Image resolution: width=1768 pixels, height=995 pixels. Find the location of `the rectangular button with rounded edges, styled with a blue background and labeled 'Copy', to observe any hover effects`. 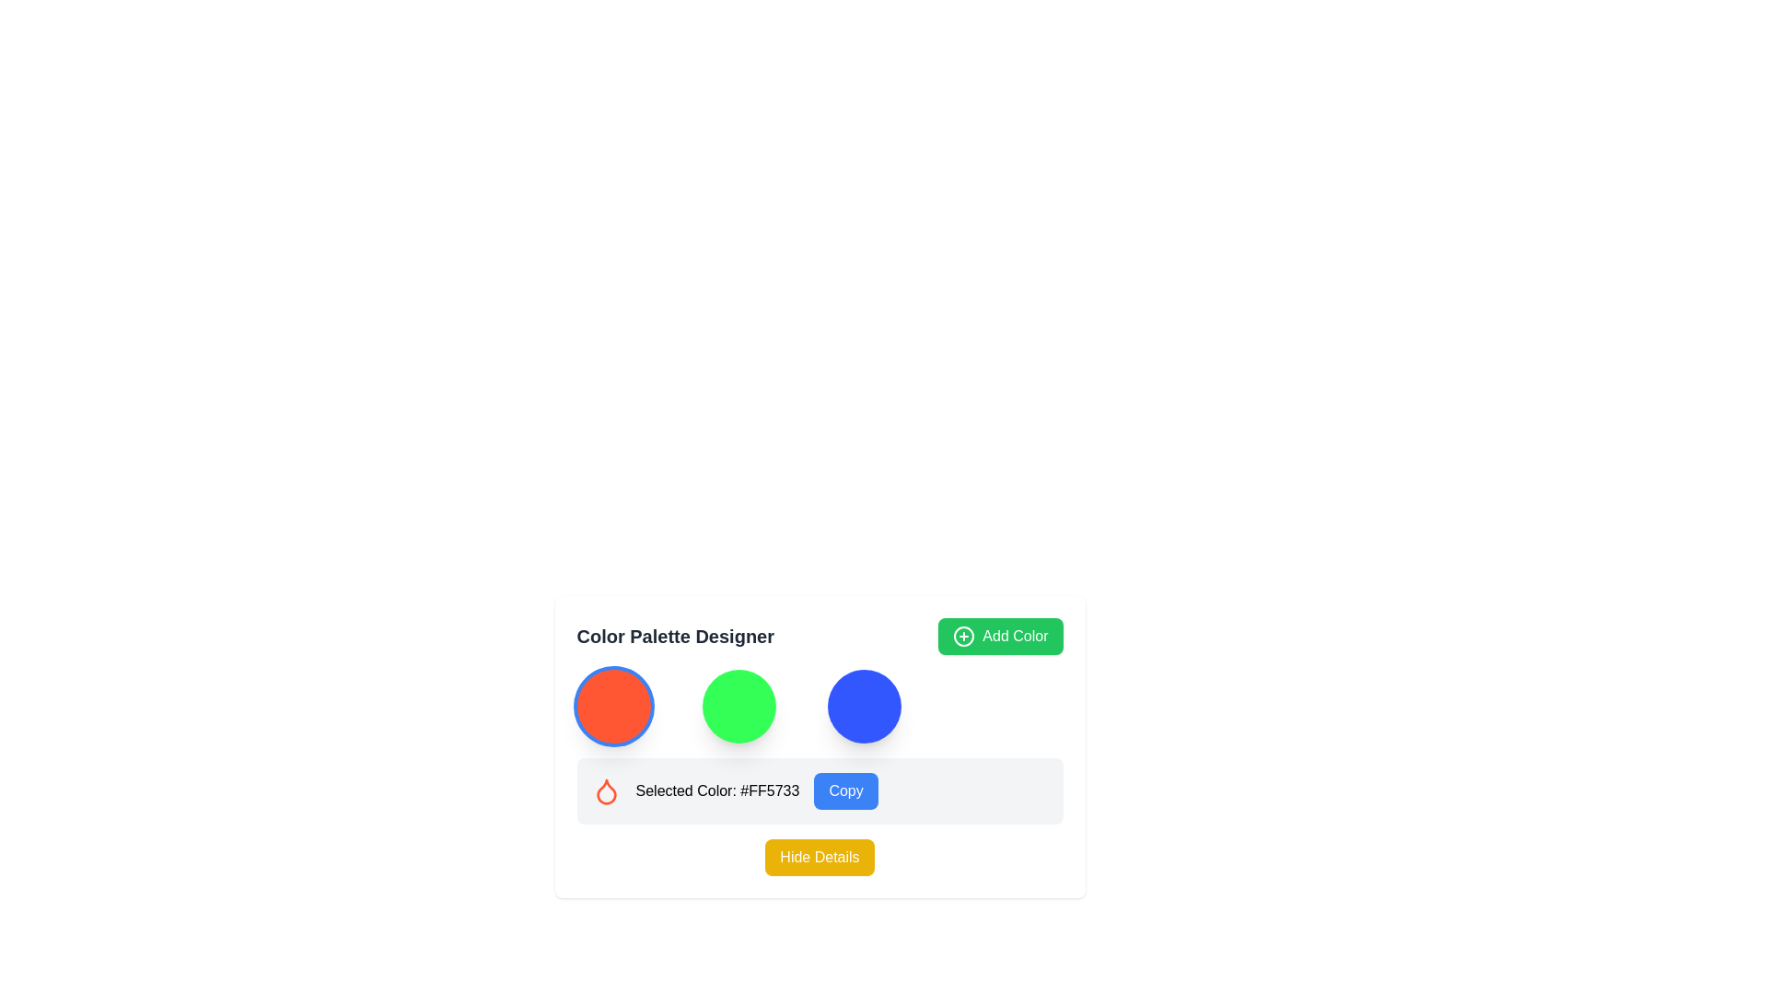

the rectangular button with rounded edges, styled with a blue background and labeled 'Copy', to observe any hover effects is located at coordinates (845, 790).